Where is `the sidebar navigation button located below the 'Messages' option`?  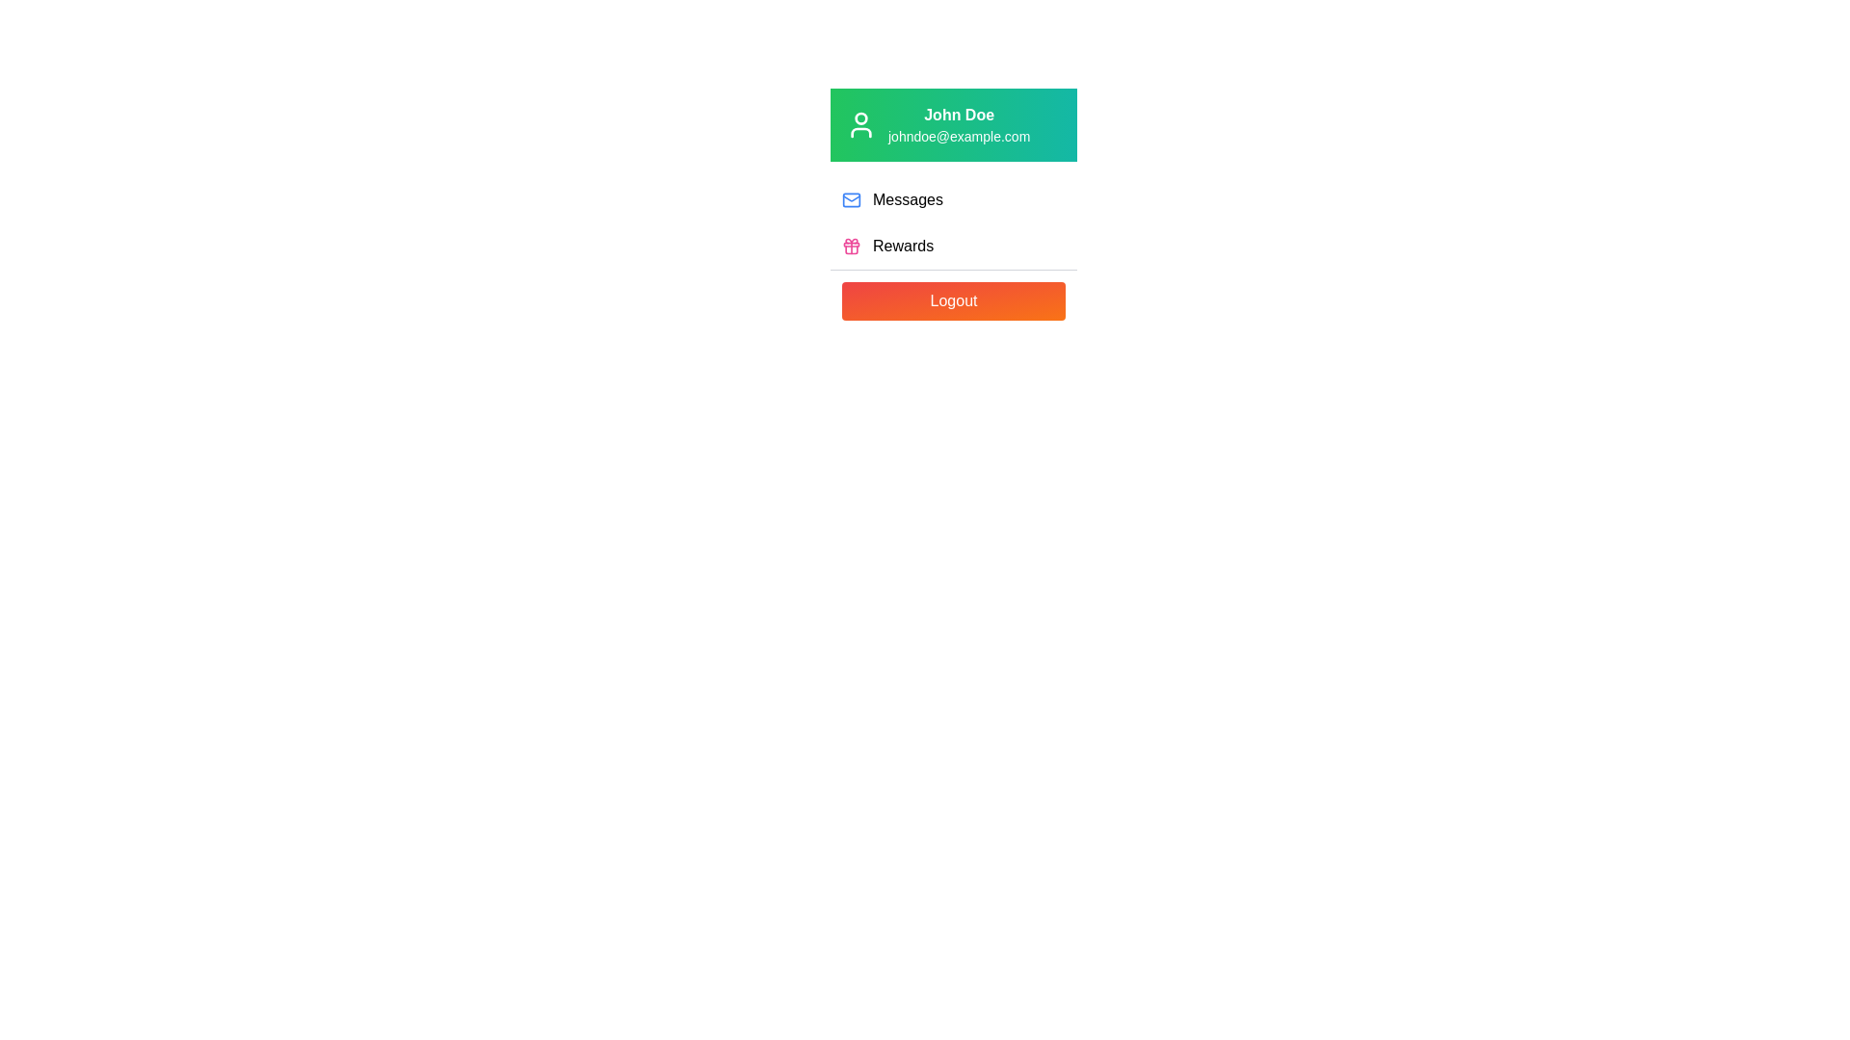 the sidebar navigation button located below the 'Messages' option is located at coordinates (953, 245).